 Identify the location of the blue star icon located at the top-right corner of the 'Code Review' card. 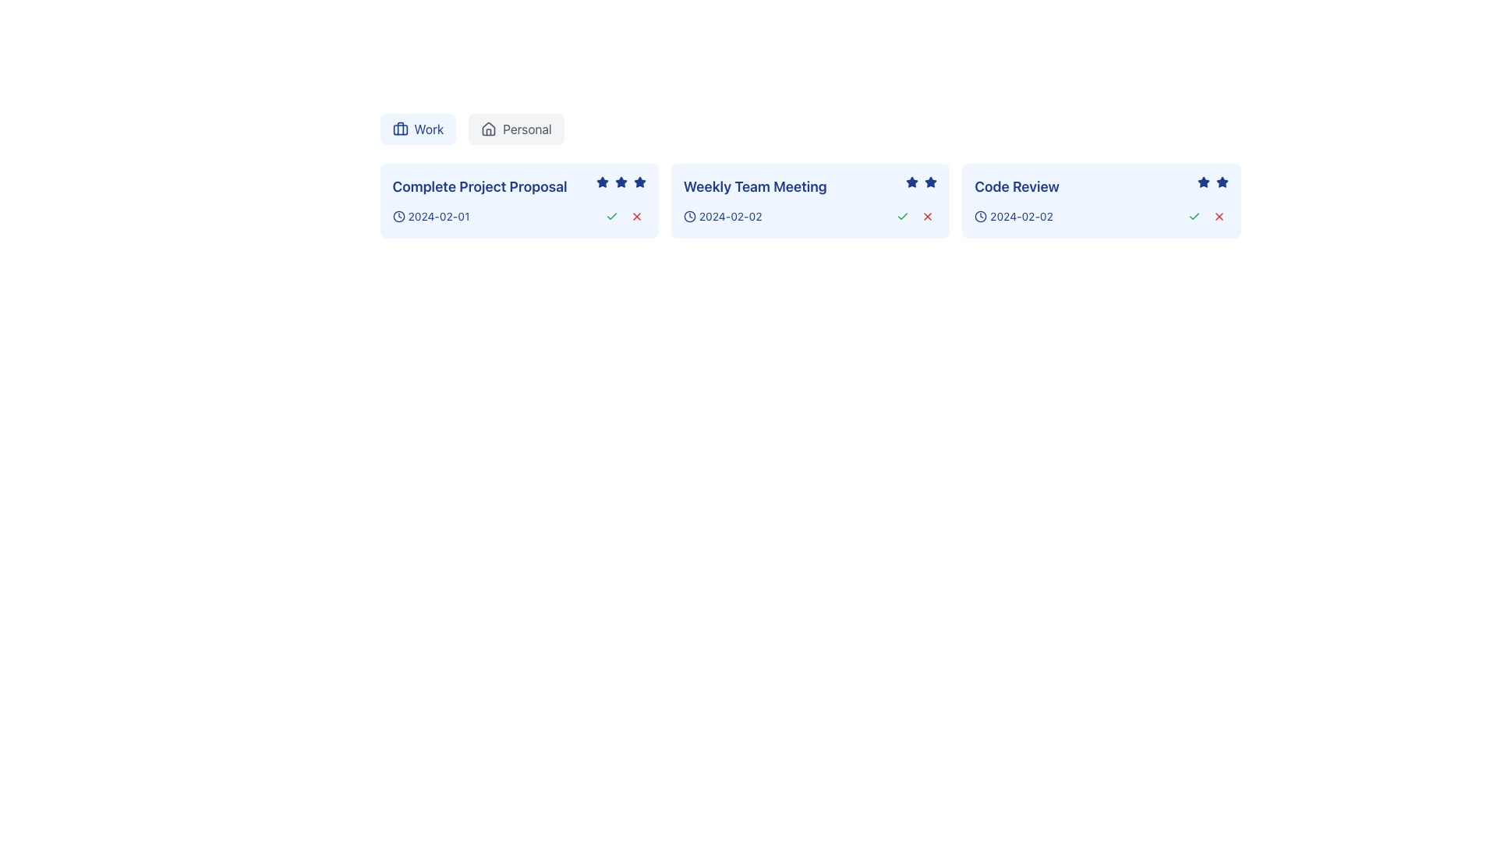
(1221, 181).